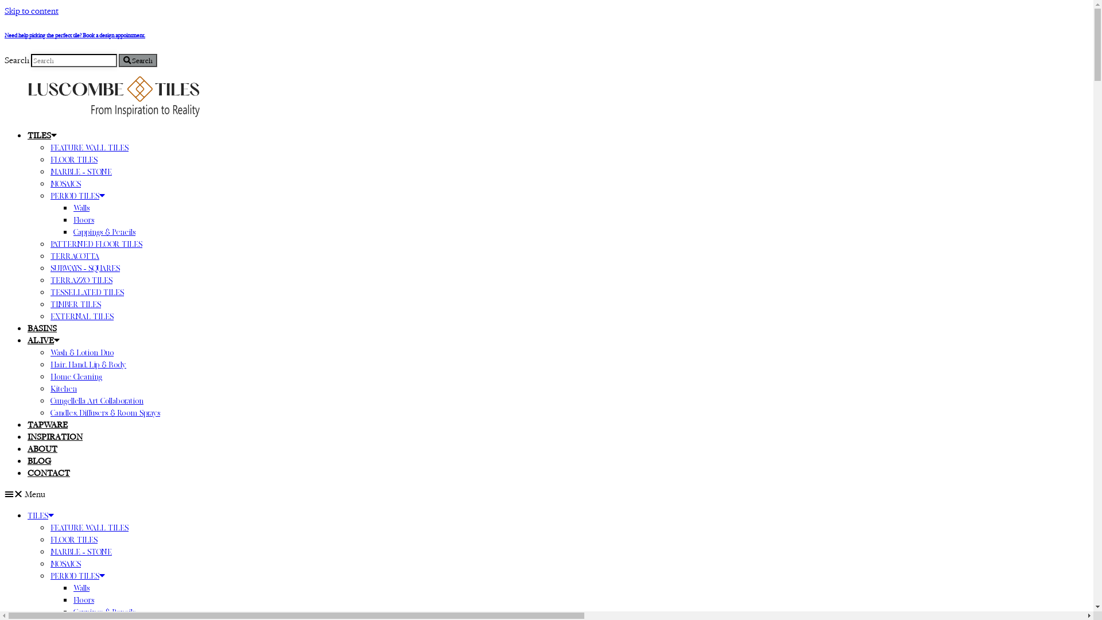 The height and width of the screenshot is (620, 1102). I want to click on 'TERRACOTTA', so click(74, 255).